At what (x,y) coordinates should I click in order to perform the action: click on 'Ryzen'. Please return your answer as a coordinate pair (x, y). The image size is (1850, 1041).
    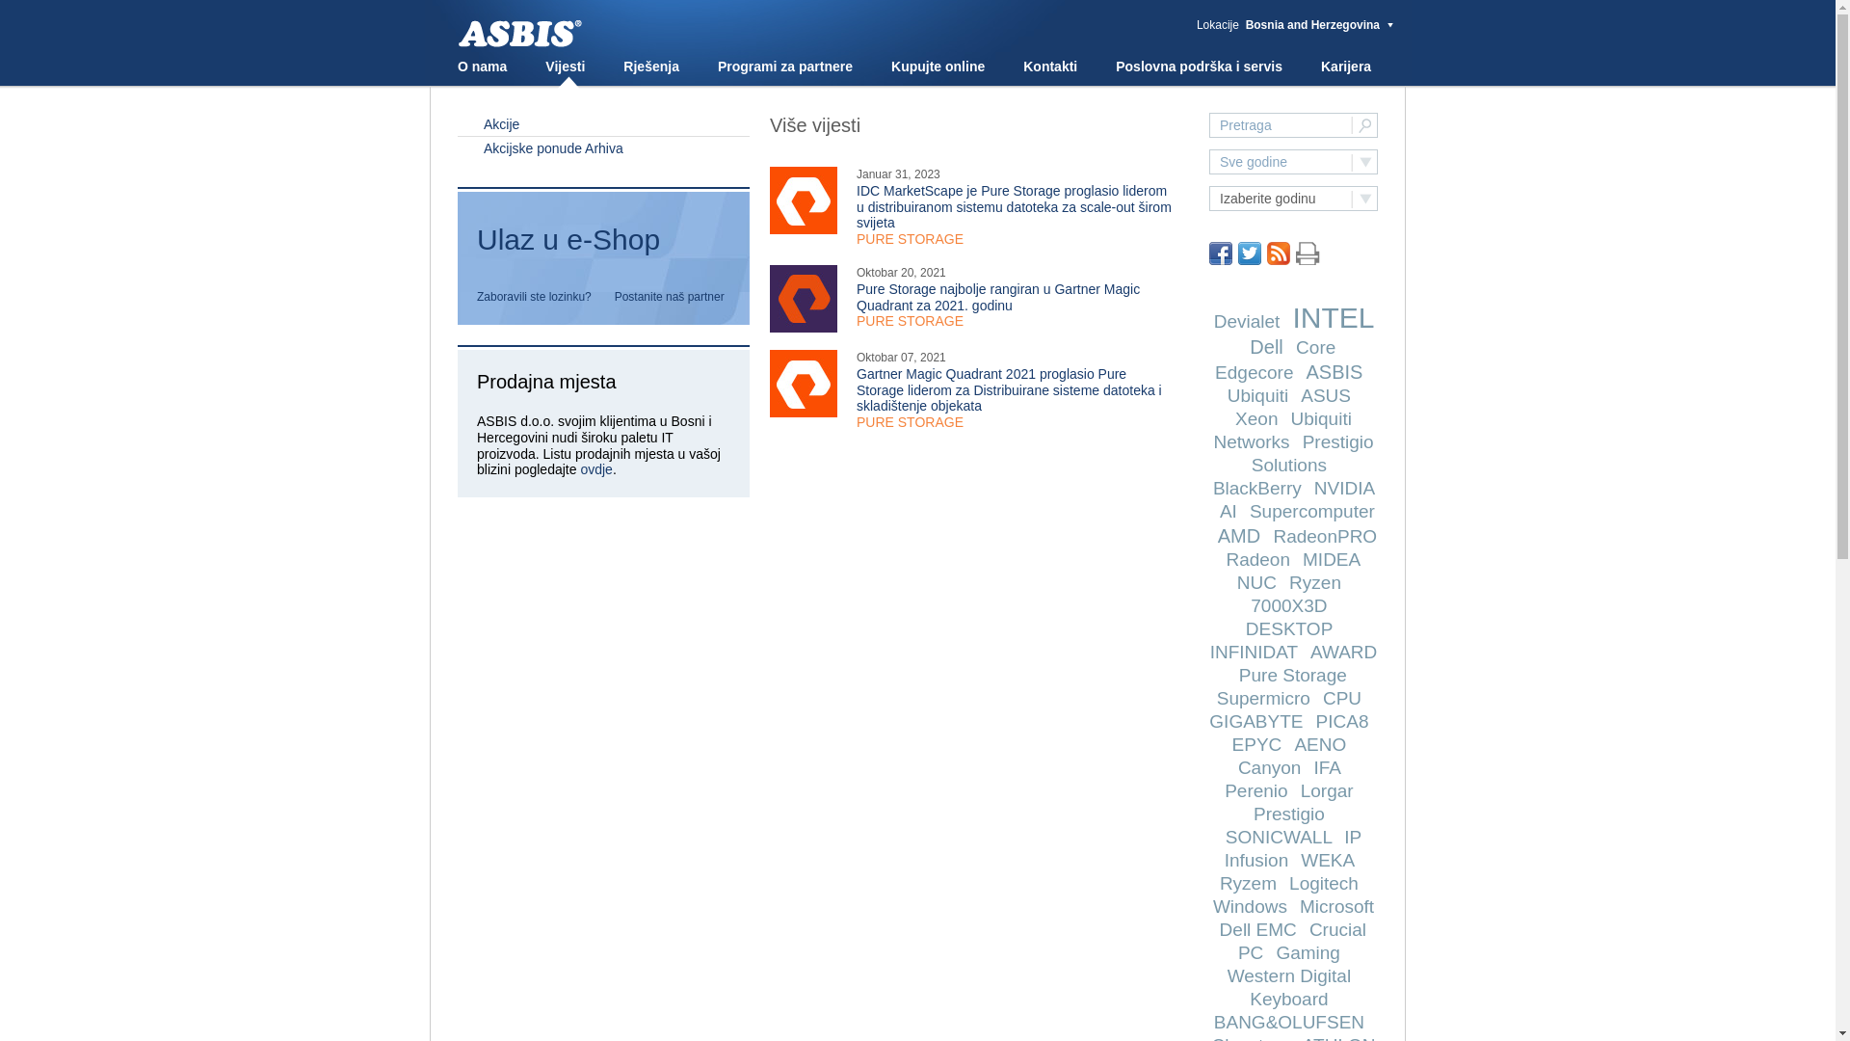
    Looking at the image, I should click on (1313, 581).